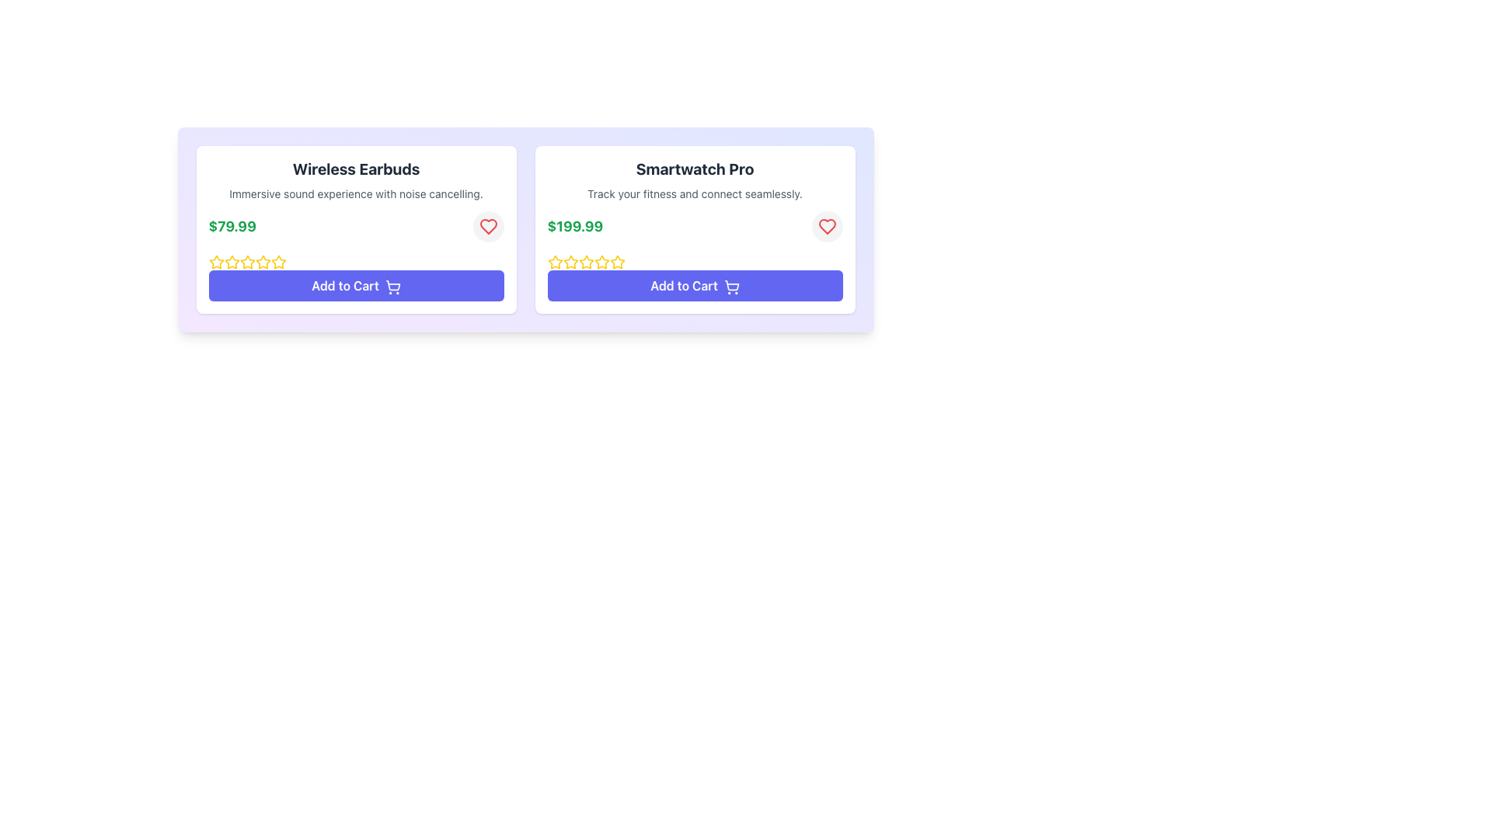  Describe the element at coordinates (215, 262) in the screenshot. I see `the first yellow star icon in the rating system` at that location.